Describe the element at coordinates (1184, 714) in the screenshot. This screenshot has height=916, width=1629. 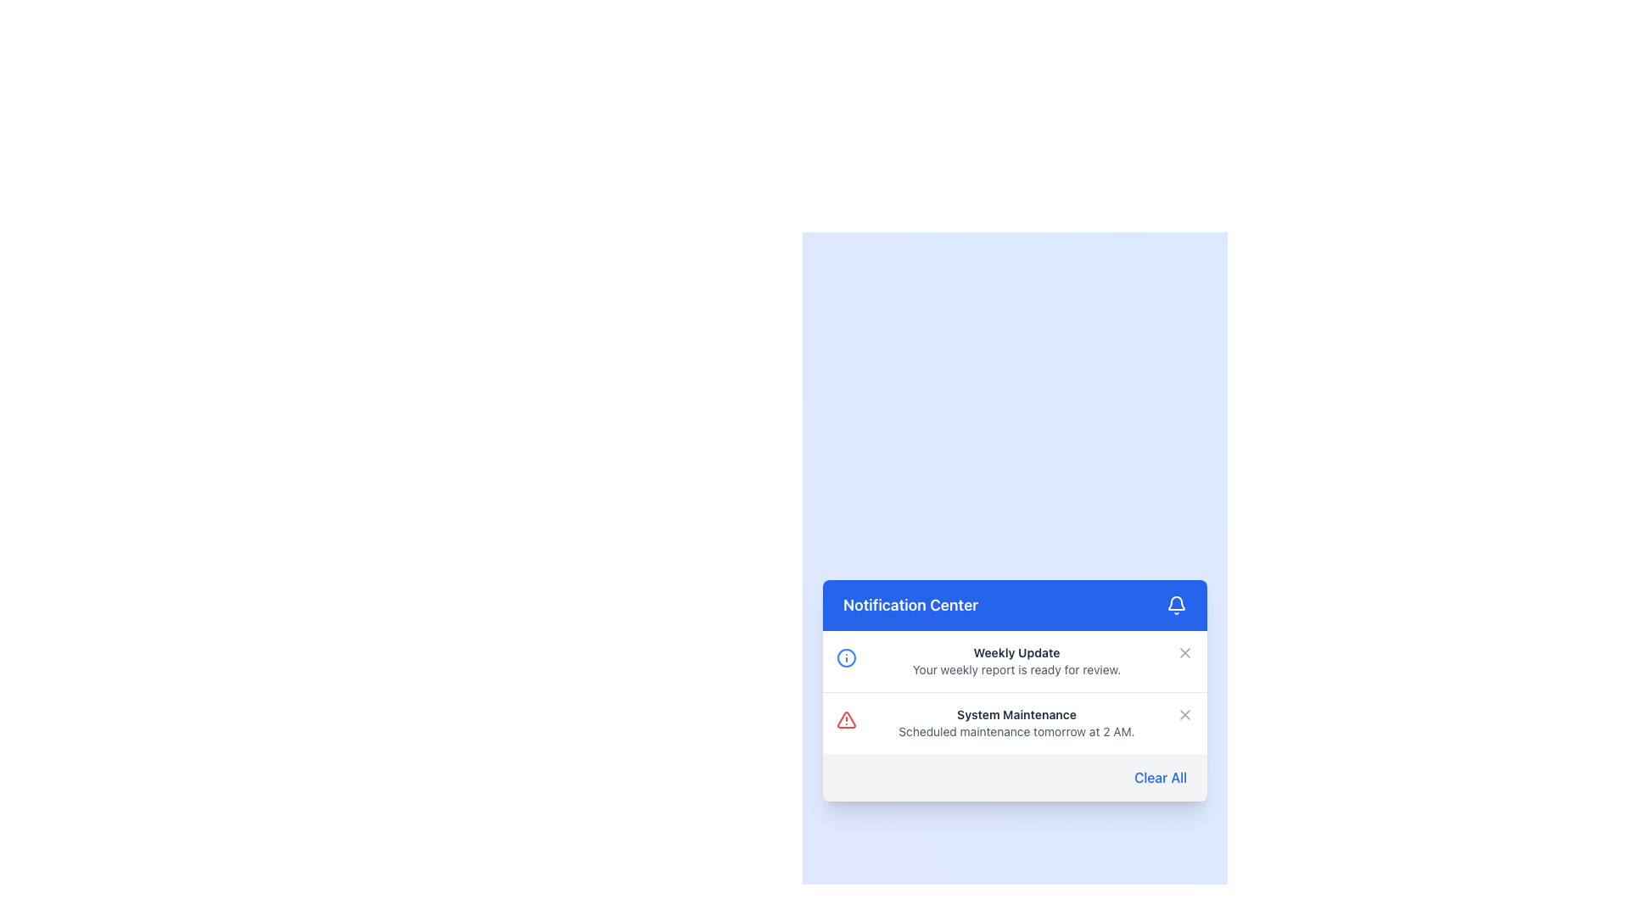
I see `the diagonal line of the close button SVG element located at the top-right corner of the 'Notification Center' notification card` at that location.